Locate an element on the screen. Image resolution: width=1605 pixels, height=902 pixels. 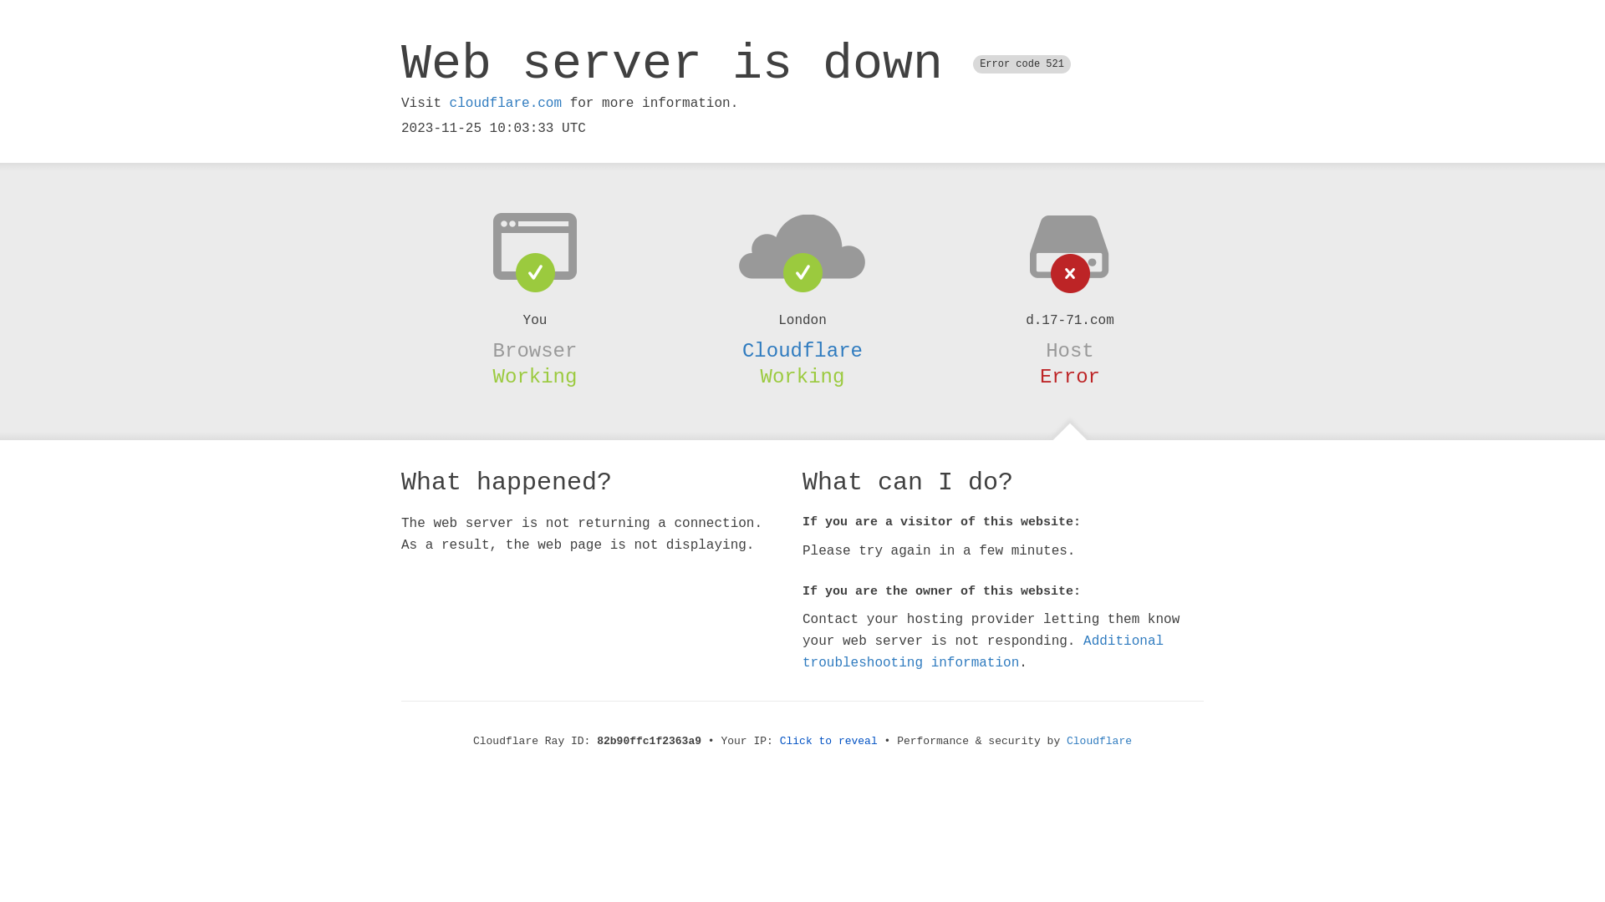
'Cloudflare' is located at coordinates (802, 350).